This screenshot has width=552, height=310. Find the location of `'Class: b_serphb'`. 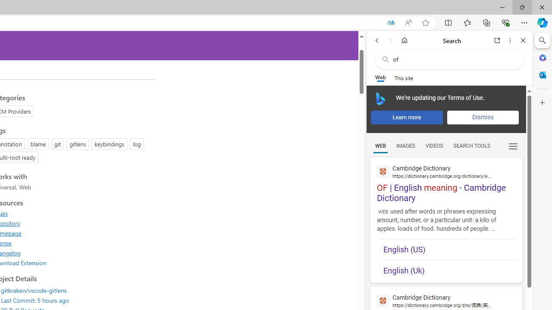

'Class: b_serphb' is located at coordinates (513, 146).